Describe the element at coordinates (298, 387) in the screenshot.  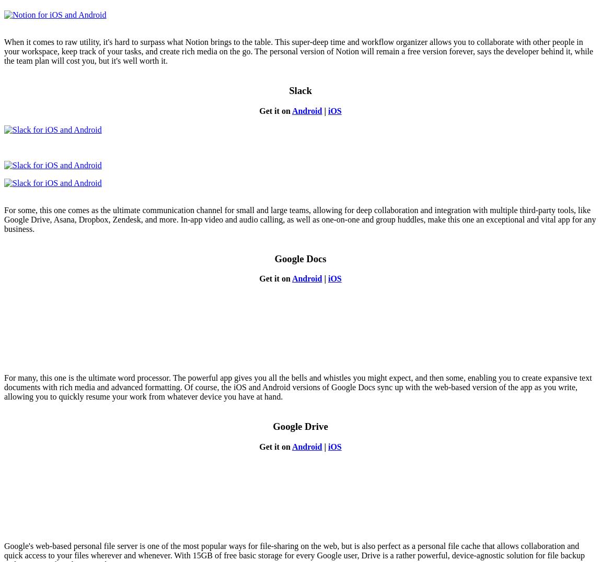
I see `'For many, this one is the ultimate word processor. The powerful app gives you all the bells and whistles you might expect, and then some, enabling you to create expansive text documents with rich media and advanced formatting. Of course, the iOS and Android versions of Google Docs sync up with the web-based version of the app as you write, allowing you to quickly resume your work from whatever device you have at hand.'` at that location.